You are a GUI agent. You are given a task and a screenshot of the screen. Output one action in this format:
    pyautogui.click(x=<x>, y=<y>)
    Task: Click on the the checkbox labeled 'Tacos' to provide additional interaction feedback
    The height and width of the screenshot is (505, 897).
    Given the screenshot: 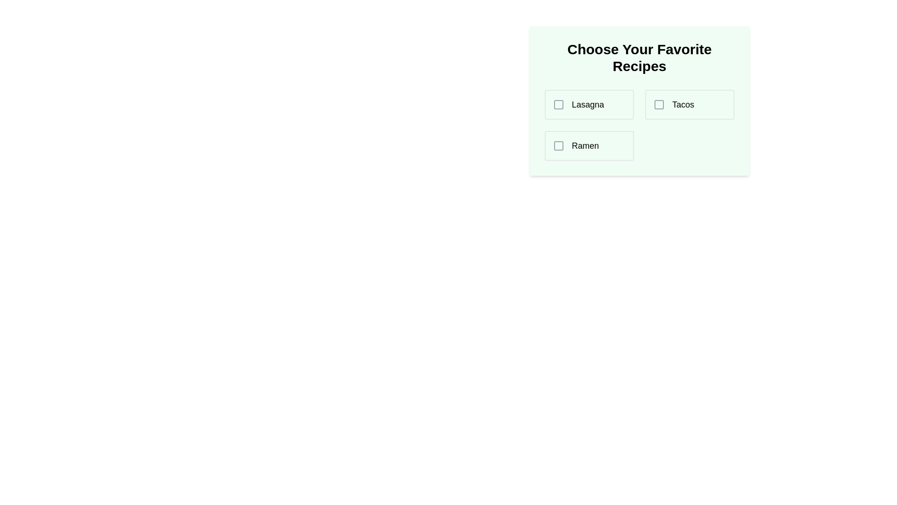 What is the action you would take?
    pyautogui.click(x=690, y=104)
    